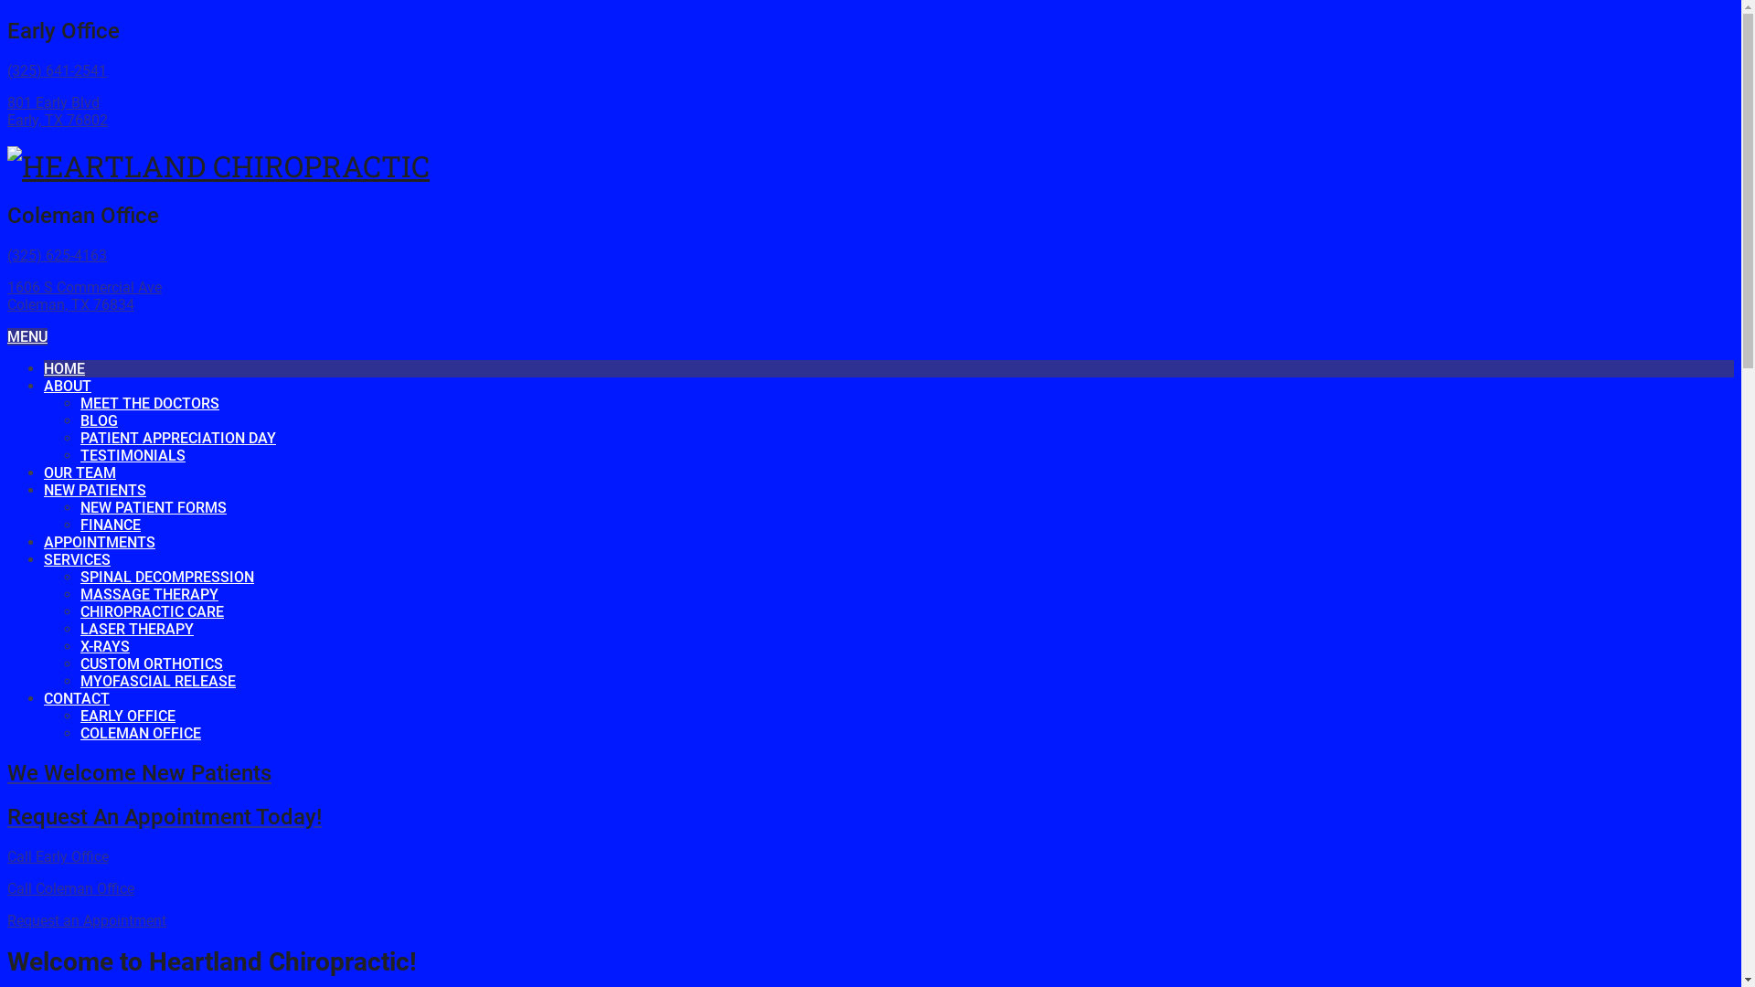  What do you see at coordinates (86, 920) in the screenshot?
I see `'Request an Appointment'` at bounding box center [86, 920].